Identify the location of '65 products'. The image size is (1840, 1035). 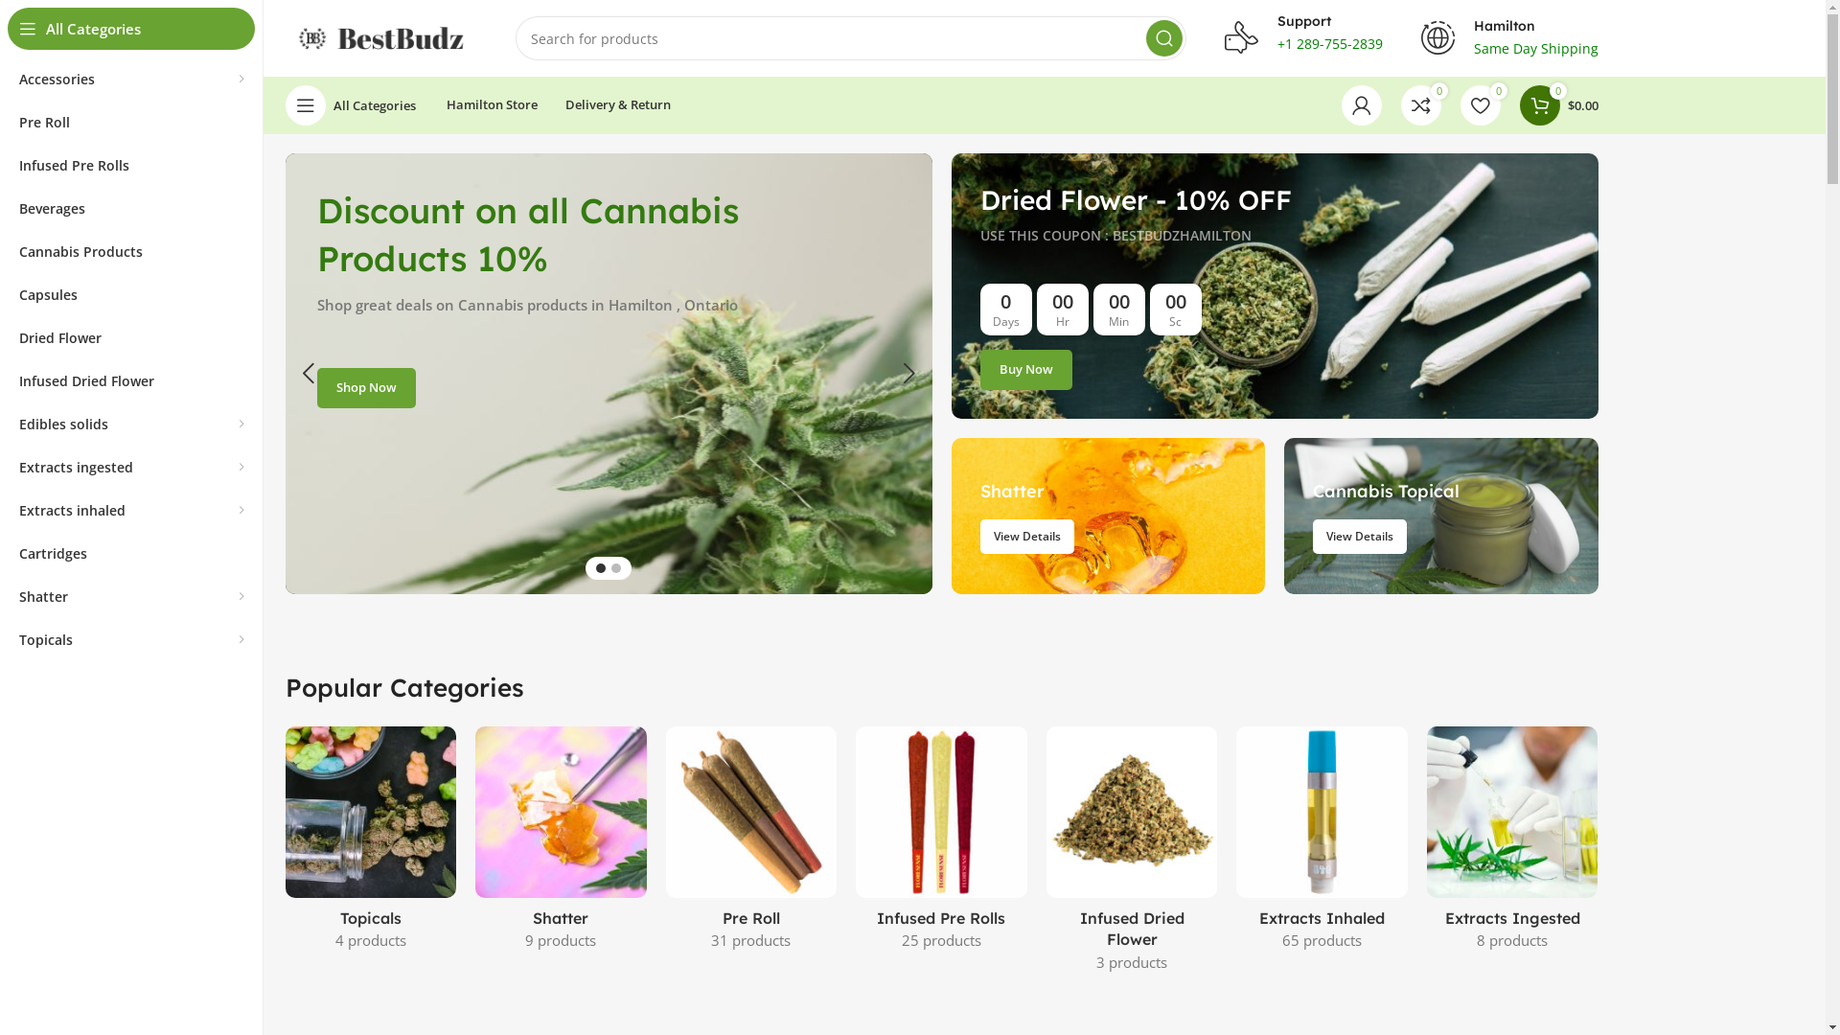
(1321, 938).